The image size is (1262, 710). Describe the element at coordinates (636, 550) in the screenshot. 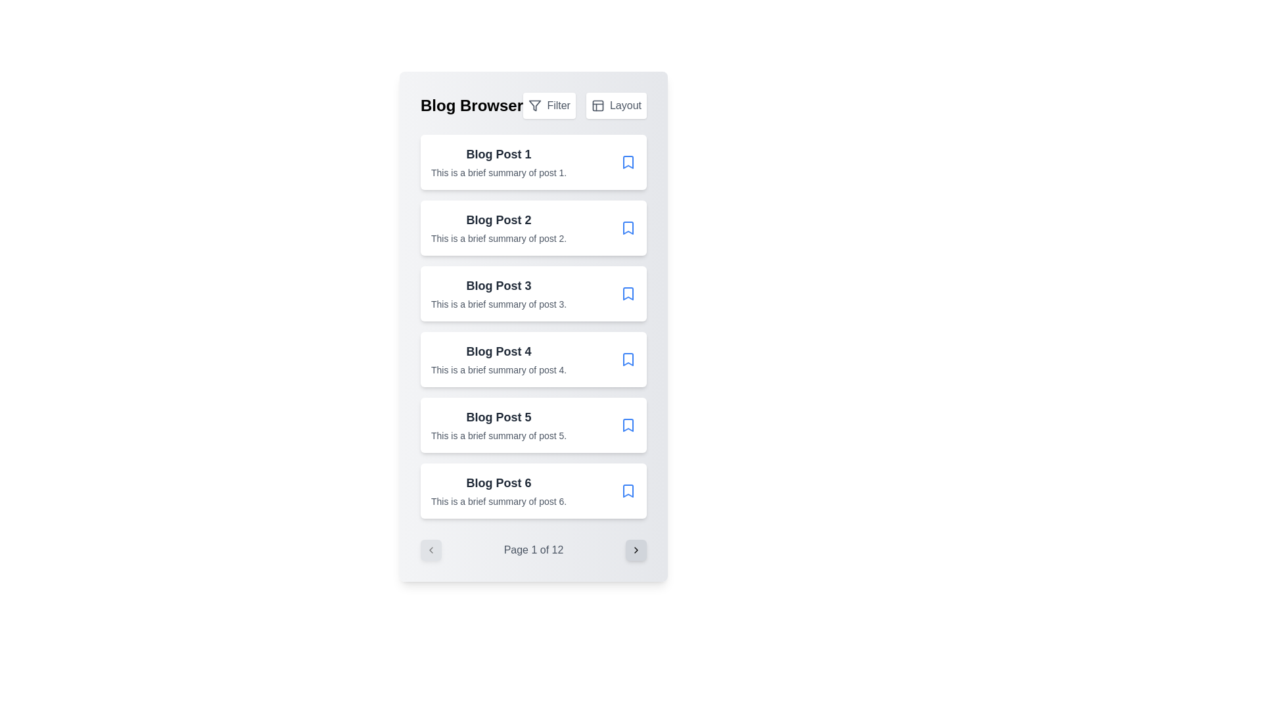

I see `the Chevron icon within the navigation button at the bottom right of the panel for accessibility purposes` at that location.